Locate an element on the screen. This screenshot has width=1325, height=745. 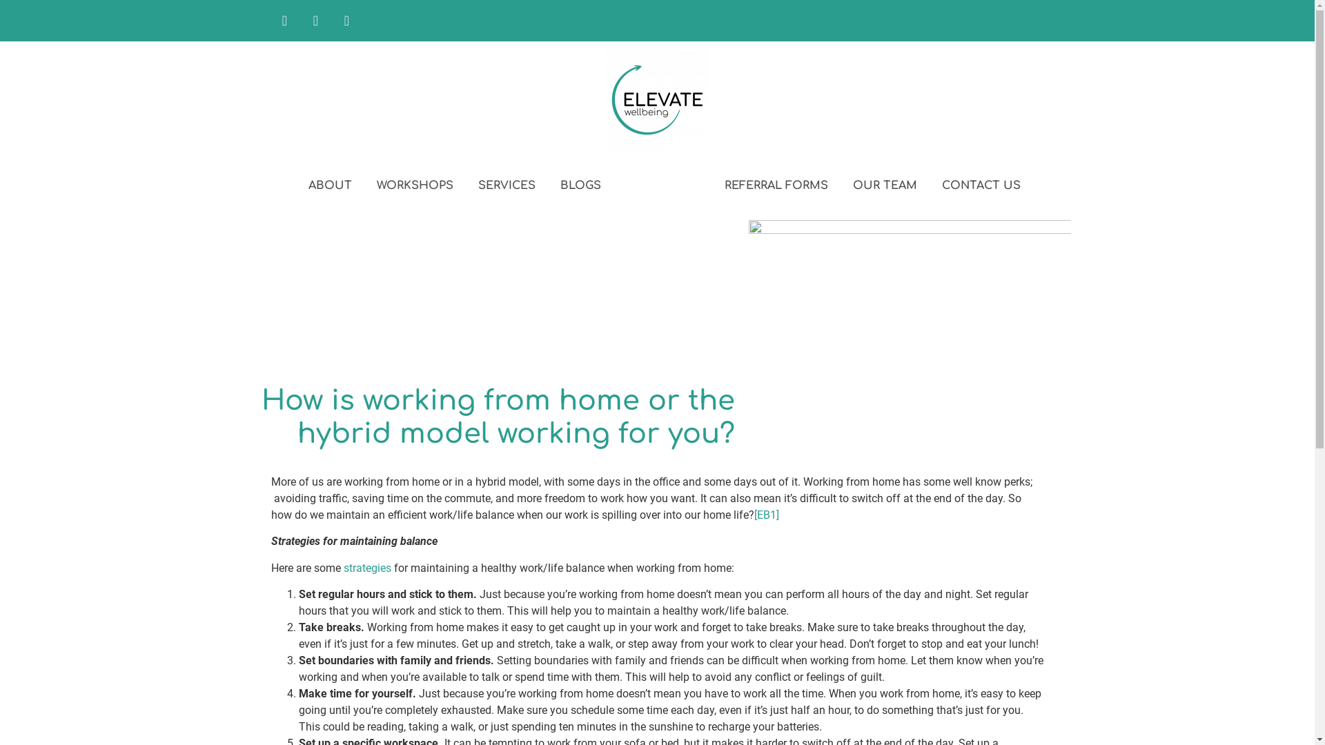
'SERVICES' is located at coordinates (506, 185).